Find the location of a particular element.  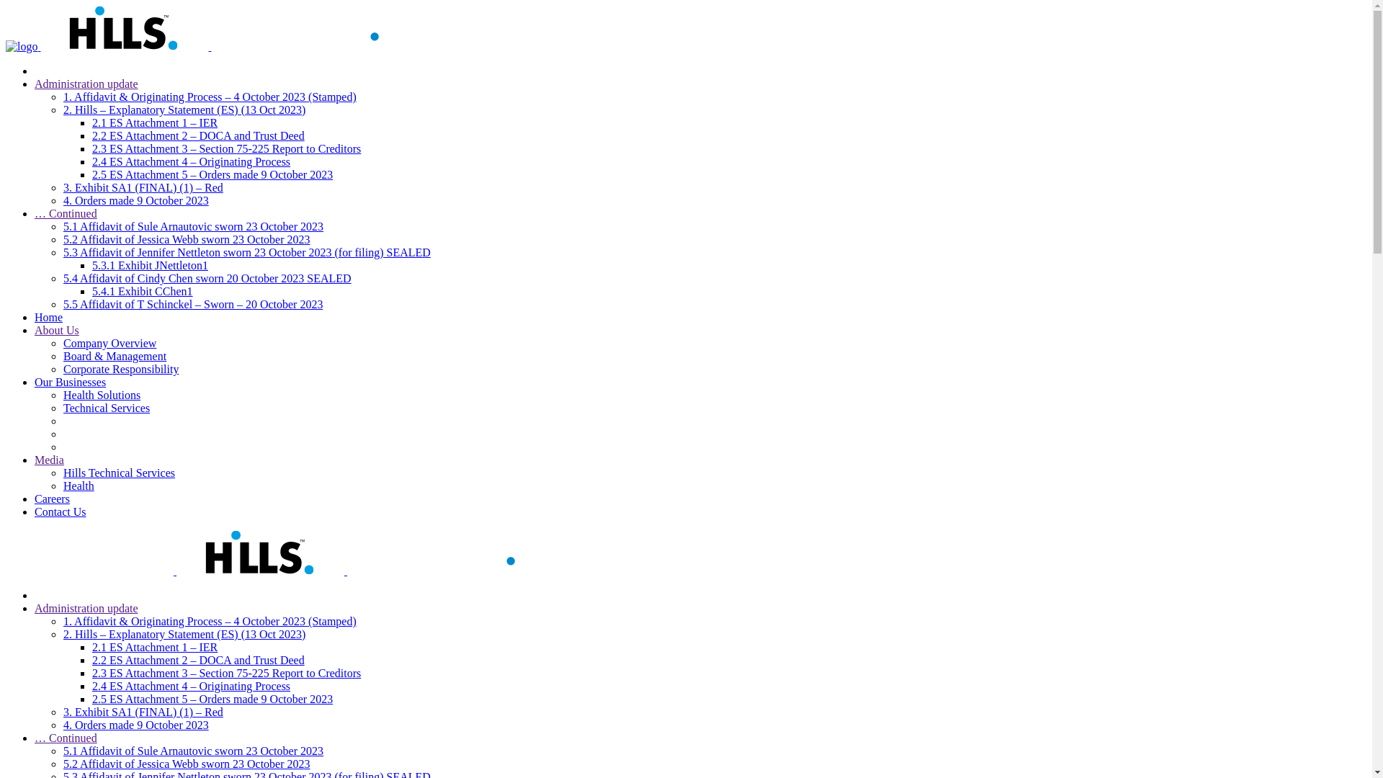

'Corporate Responsibility' is located at coordinates (121, 368).